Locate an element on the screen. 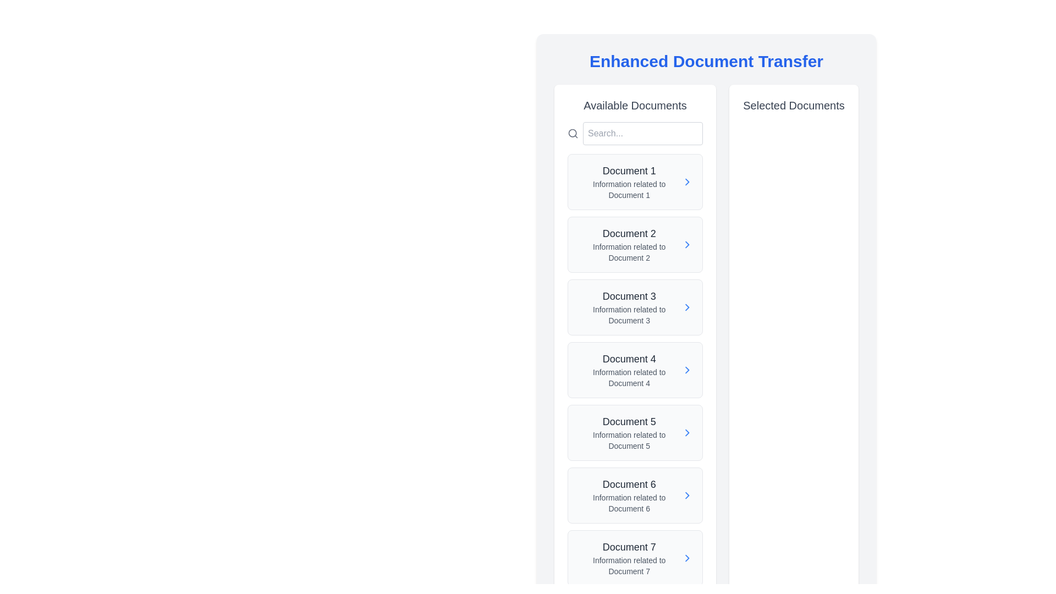 The image size is (1056, 594). the Text display element that presents information about 'Document 2', located in the list of 'Available Documents' is located at coordinates (629, 244).